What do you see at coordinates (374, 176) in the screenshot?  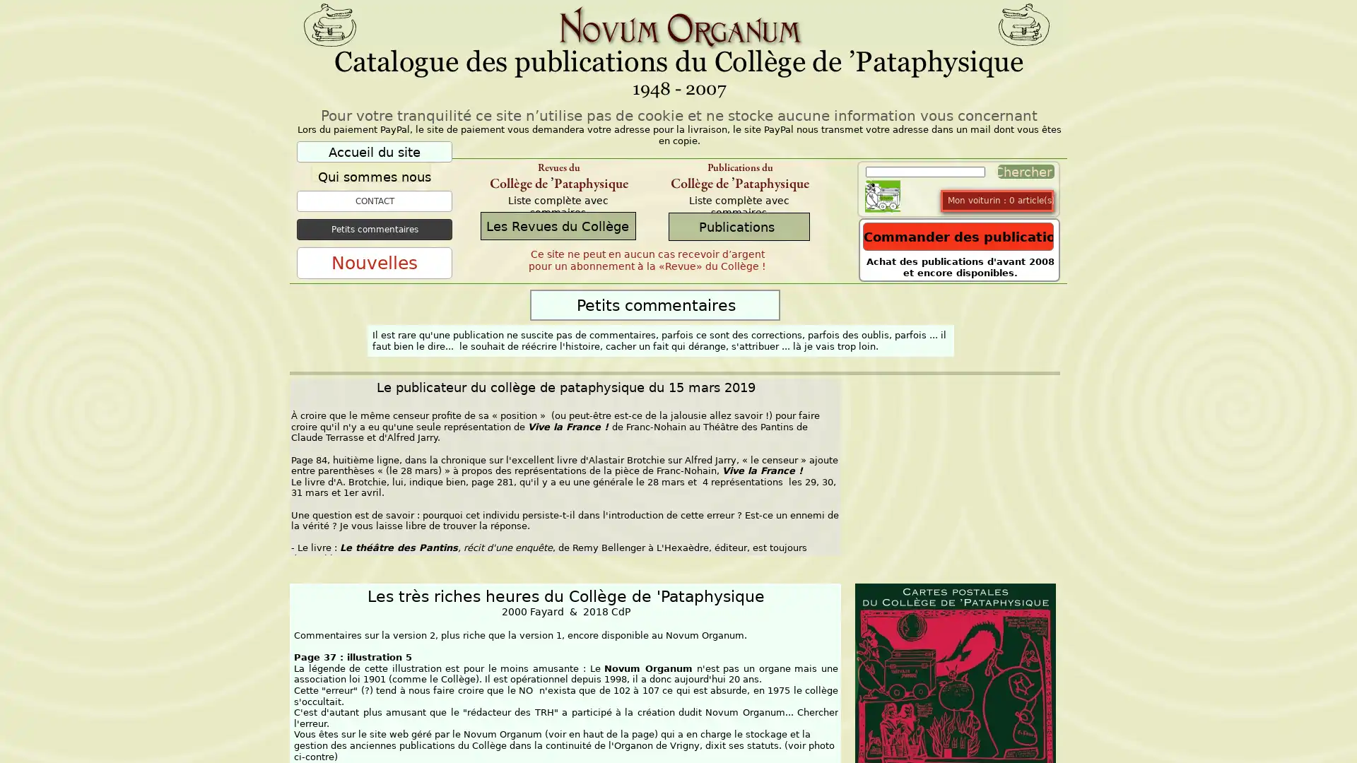 I see `Qui sommes nous` at bounding box center [374, 176].